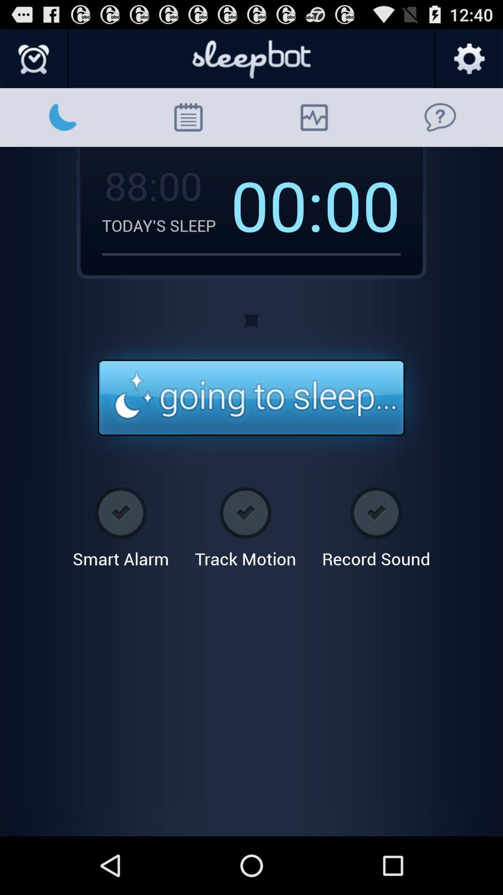 The width and height of the screenshot is (503, 895). Describe the element at coordinates (251, 398) in the screenshot. I see `timer alert button` at that location.